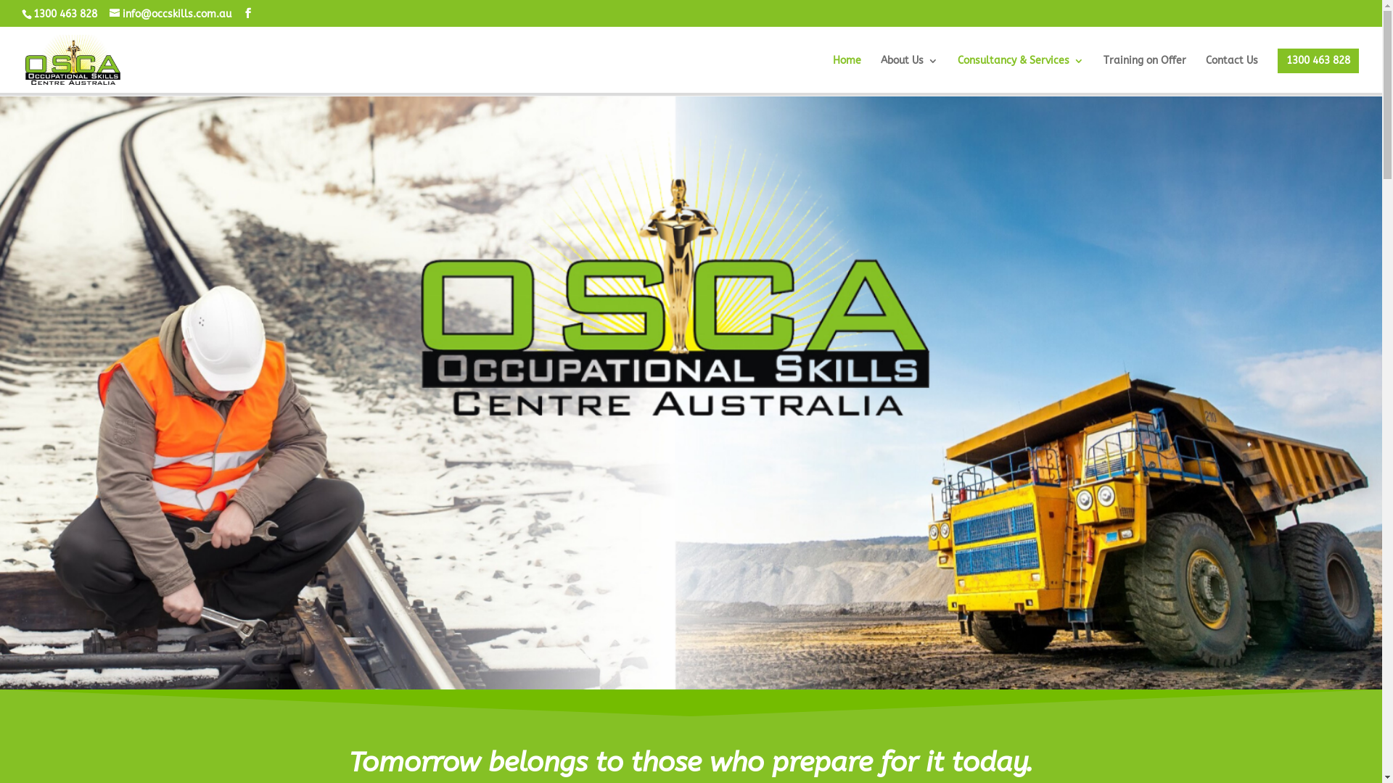 Image resolution: width=1393 pixels, height=783 pixels. Describe the element at coordinates (1318, 60) in the screenshot. I see `'1300 463 828'` at that location.